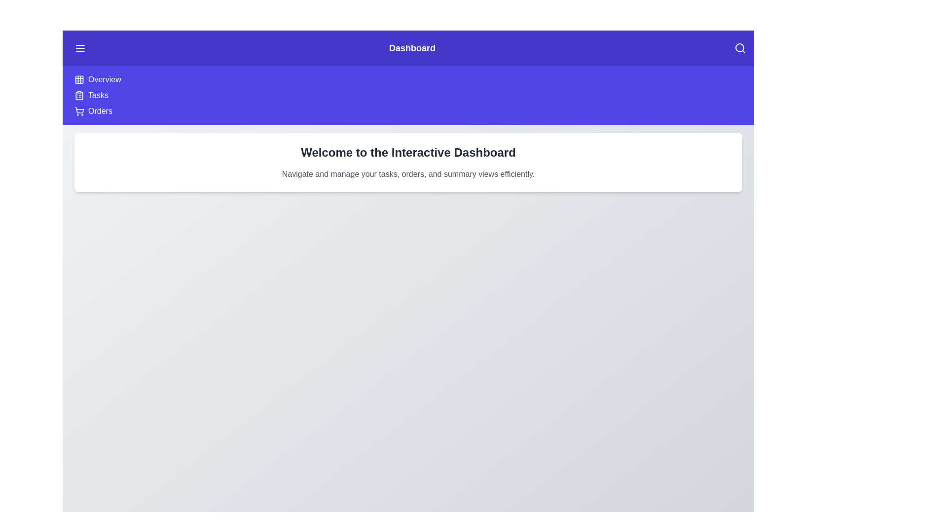  I want to click on the menu item Orders to navigate, so click(100, 111).